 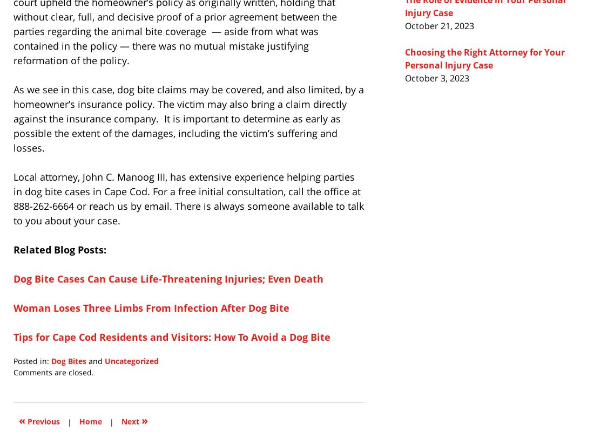 What do you see at coordinates (90, 421) in the screenshot?
I see `'Home'` at bounding box center [90, 421].